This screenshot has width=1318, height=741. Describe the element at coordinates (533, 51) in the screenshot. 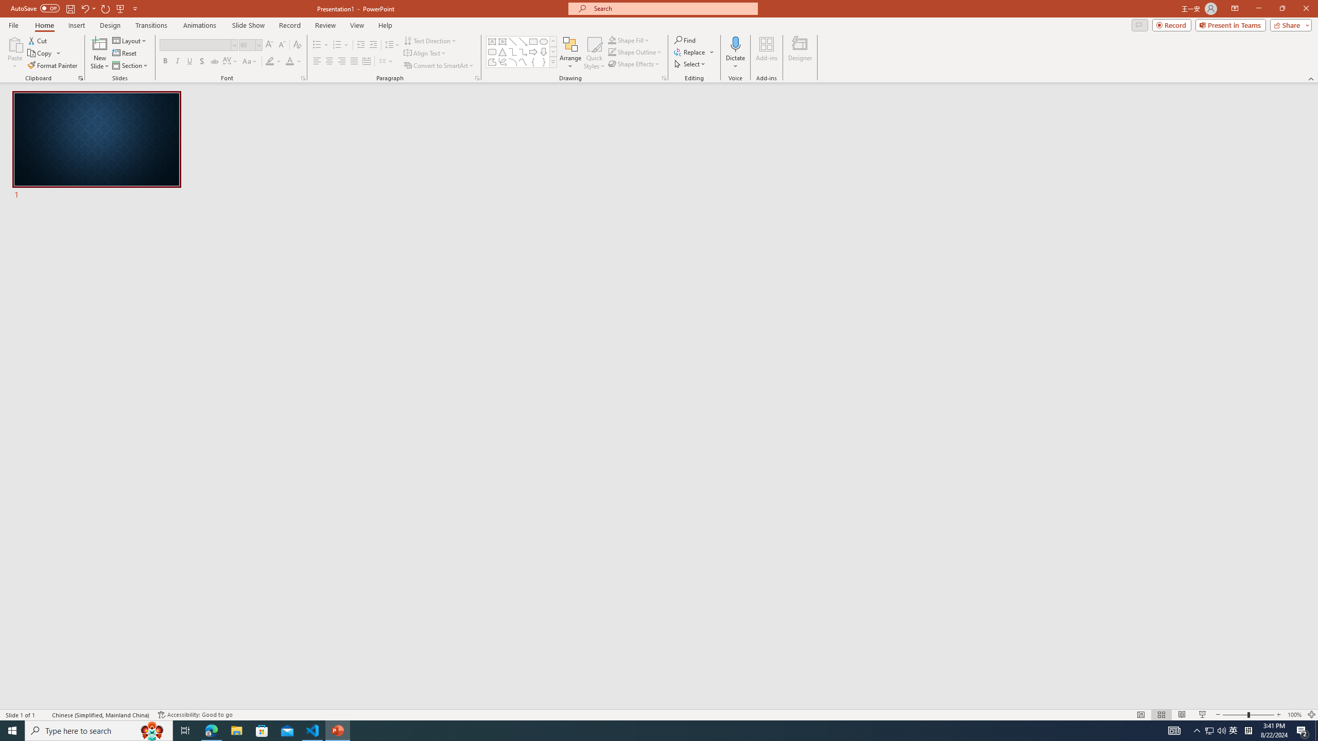

I see `'Arrow: Right'` at that location.